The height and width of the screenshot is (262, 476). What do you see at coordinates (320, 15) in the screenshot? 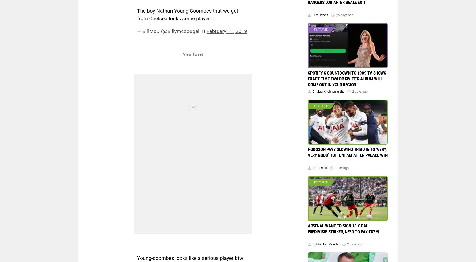
I see `'Olly Dawes'` at bounding box center [320, 15].